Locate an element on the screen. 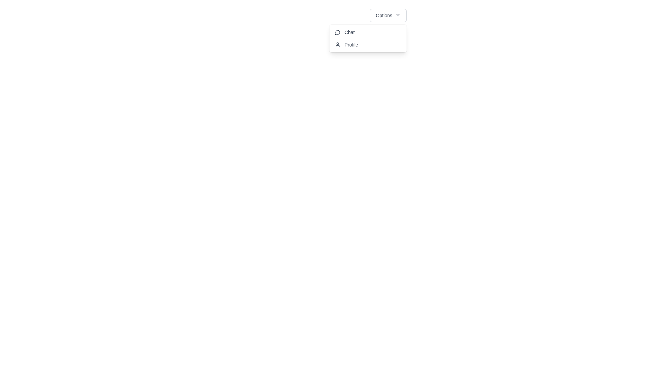 This screenshot has height=372, width=661. the interactive icon located at the far right of the 'Options' button, which is situated near the top-center of the interface is located at coordinates (398, 14).